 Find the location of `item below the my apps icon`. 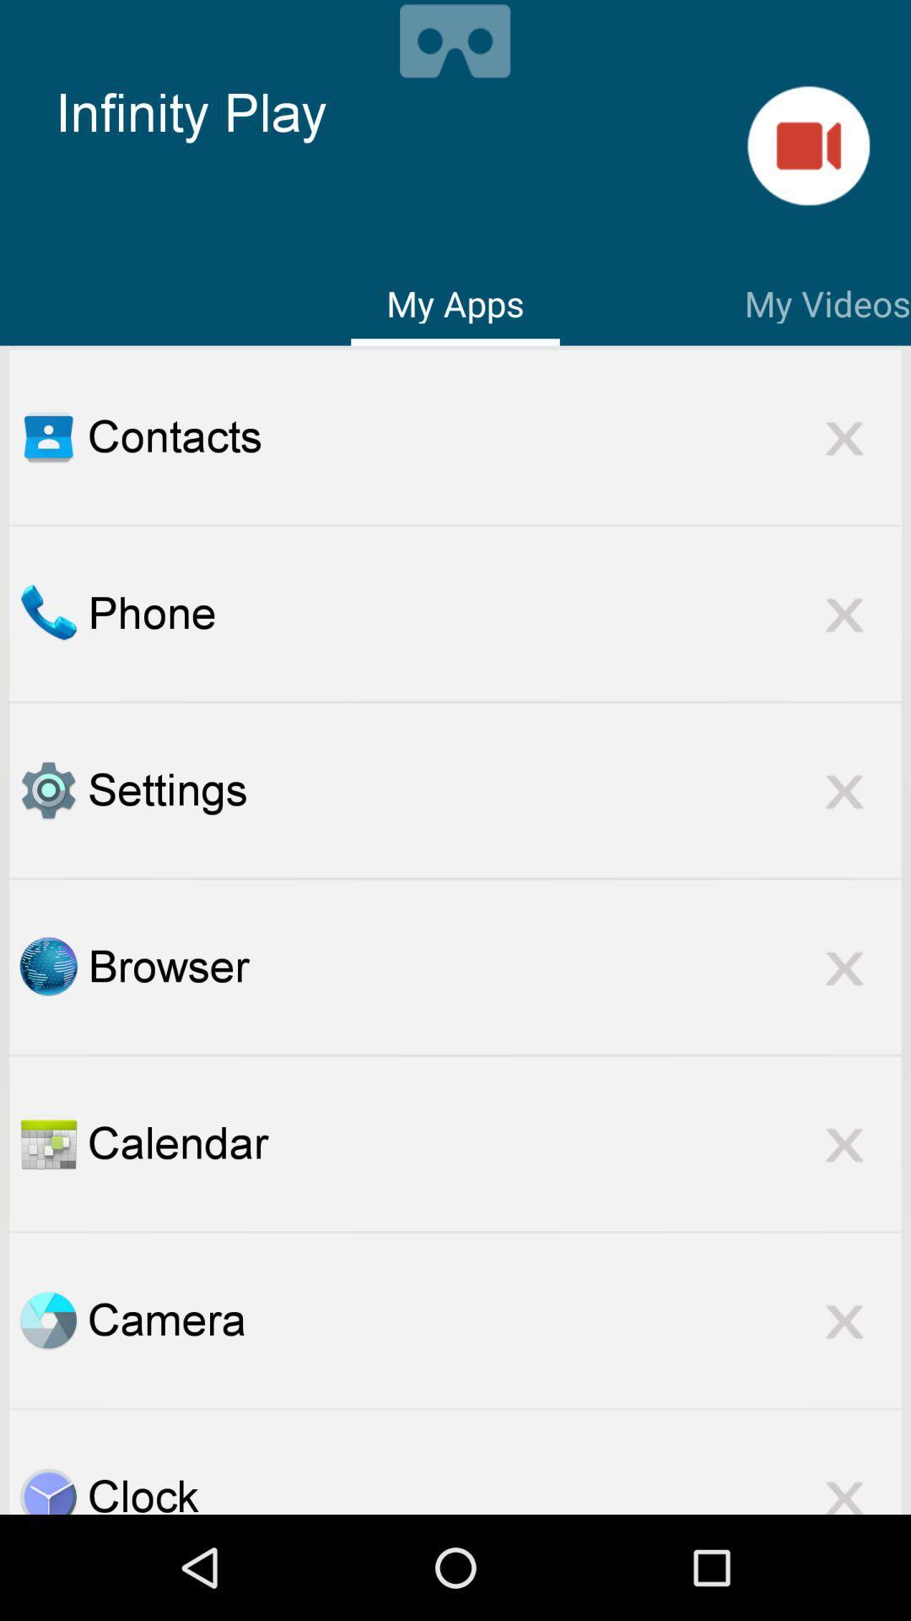

item below the my apps icon is located at coordinates (493, 436).